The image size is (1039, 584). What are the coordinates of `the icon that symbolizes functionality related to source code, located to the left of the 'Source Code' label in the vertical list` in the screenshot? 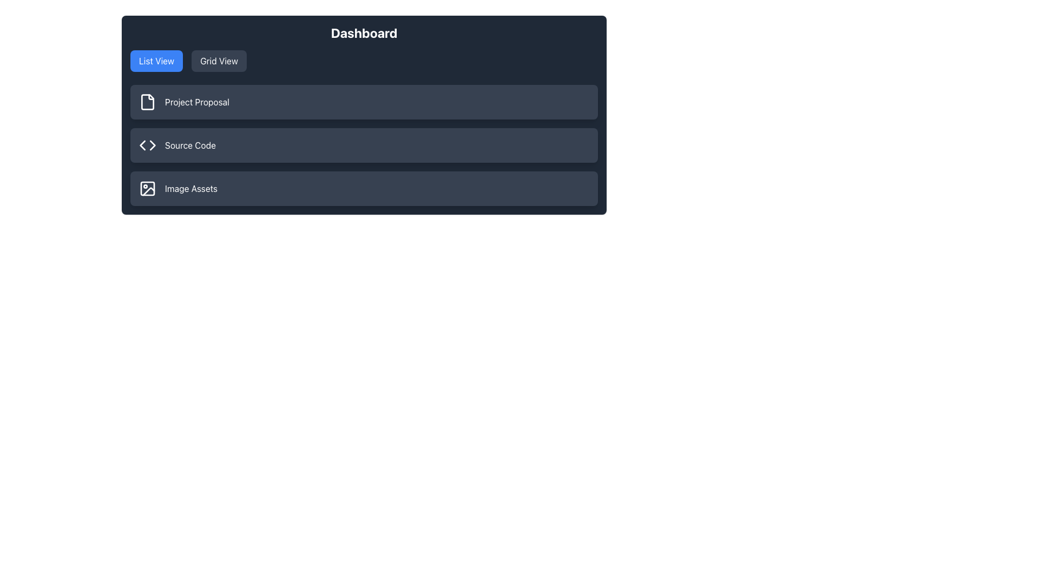 It's located at (147, 145).